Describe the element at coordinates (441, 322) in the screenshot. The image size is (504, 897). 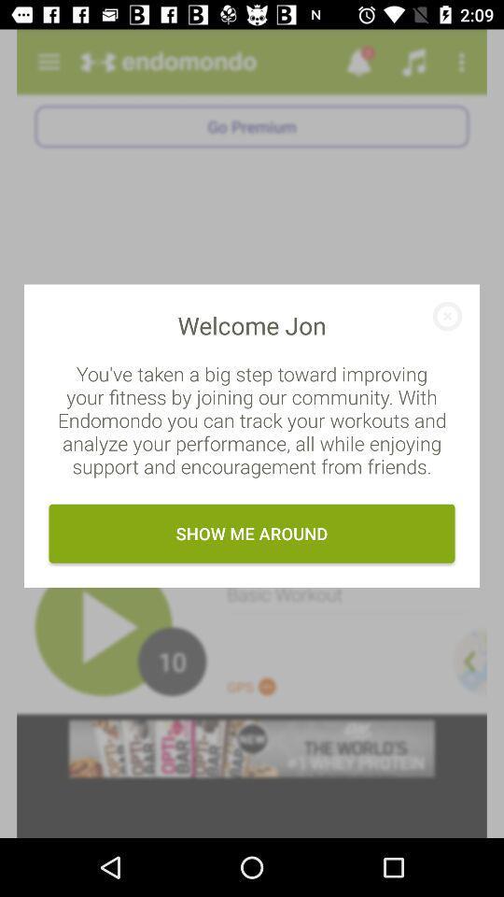
I see `the close icon` at that location.